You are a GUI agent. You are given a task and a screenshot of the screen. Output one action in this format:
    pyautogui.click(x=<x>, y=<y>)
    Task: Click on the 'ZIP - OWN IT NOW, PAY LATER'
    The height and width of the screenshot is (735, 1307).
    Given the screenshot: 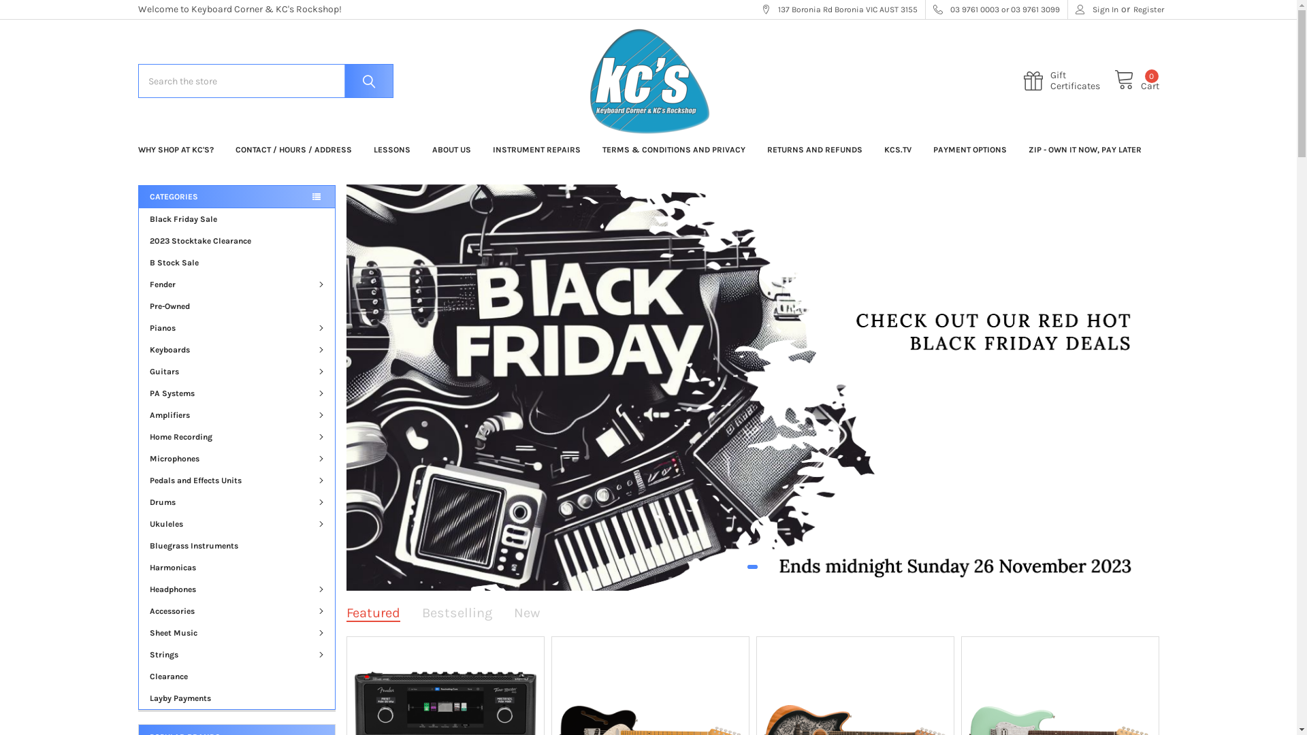 What is the action you would take?
    pyautogui.click(x=1084, y=149)
    